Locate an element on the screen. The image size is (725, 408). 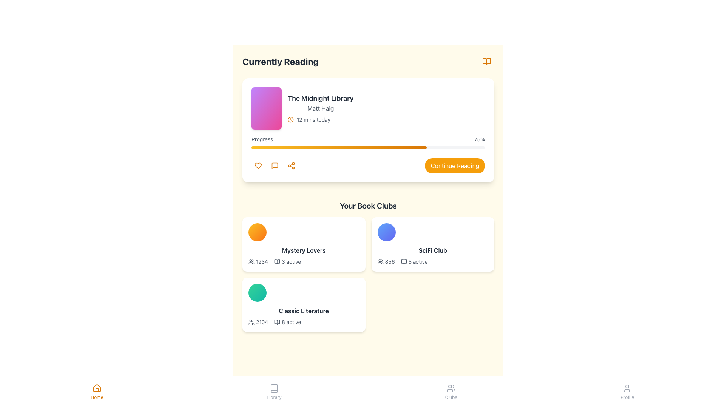
the decorative icon located within the 'Classic Literature' book club card, situated to the right of the text '2104' and before the text '8 active' is located at coordinates (277, 322).